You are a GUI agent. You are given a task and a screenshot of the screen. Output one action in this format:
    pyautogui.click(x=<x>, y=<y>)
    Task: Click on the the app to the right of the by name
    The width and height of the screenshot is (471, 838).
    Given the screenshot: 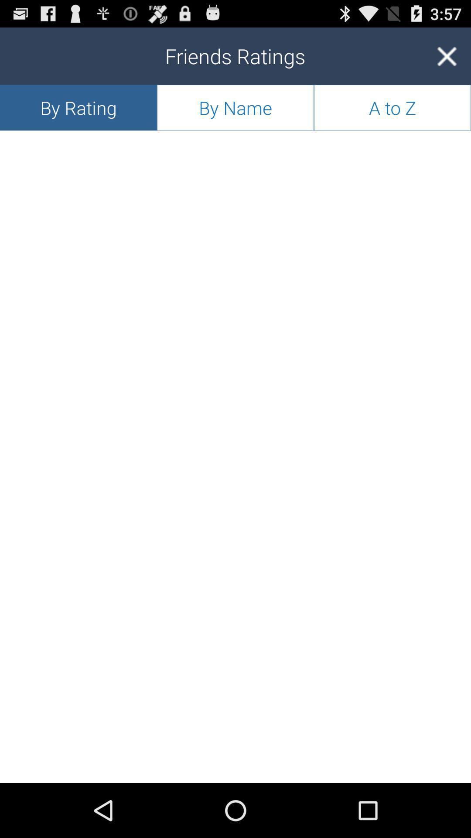 What is the action you would take?
    pyautogui.click(x=392, y=107)
    